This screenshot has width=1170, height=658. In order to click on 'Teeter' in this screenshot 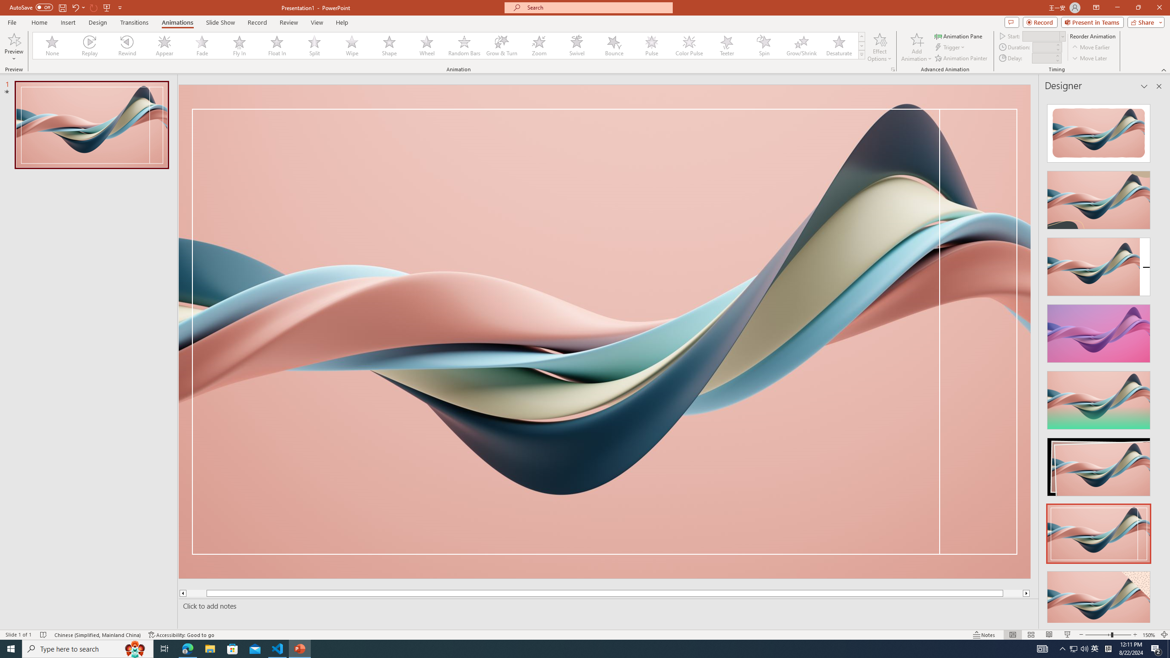, I will do `click(726, 45)`.